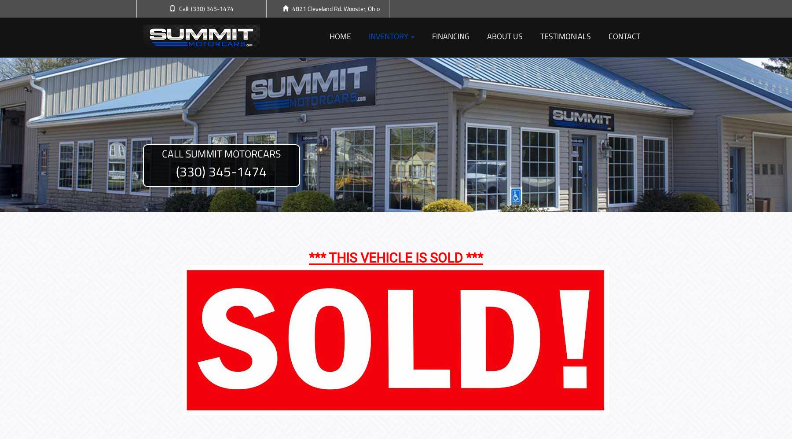 This screenshot has height=439, width=792. I want to click on 'About Us', so click(504, 36).